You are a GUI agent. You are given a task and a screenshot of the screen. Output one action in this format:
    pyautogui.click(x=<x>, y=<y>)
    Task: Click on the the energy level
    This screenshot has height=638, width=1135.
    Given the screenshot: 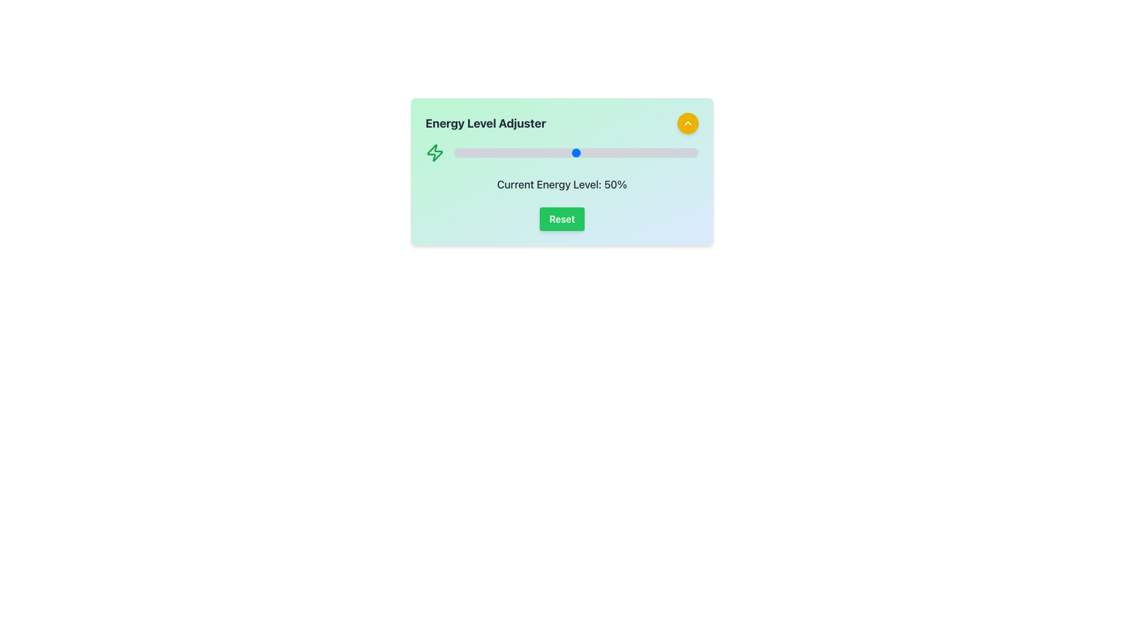 What is the action you would take?
    pyautogui.click(x=581, y=152)
    